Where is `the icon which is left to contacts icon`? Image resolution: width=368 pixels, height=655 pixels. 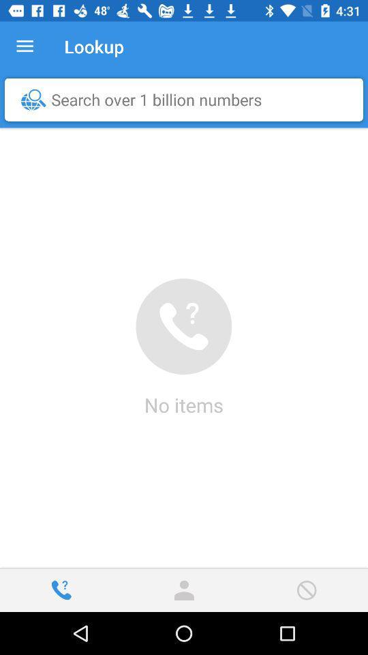 the icon which is left to contacts icon is located at coordinates (61, 589).